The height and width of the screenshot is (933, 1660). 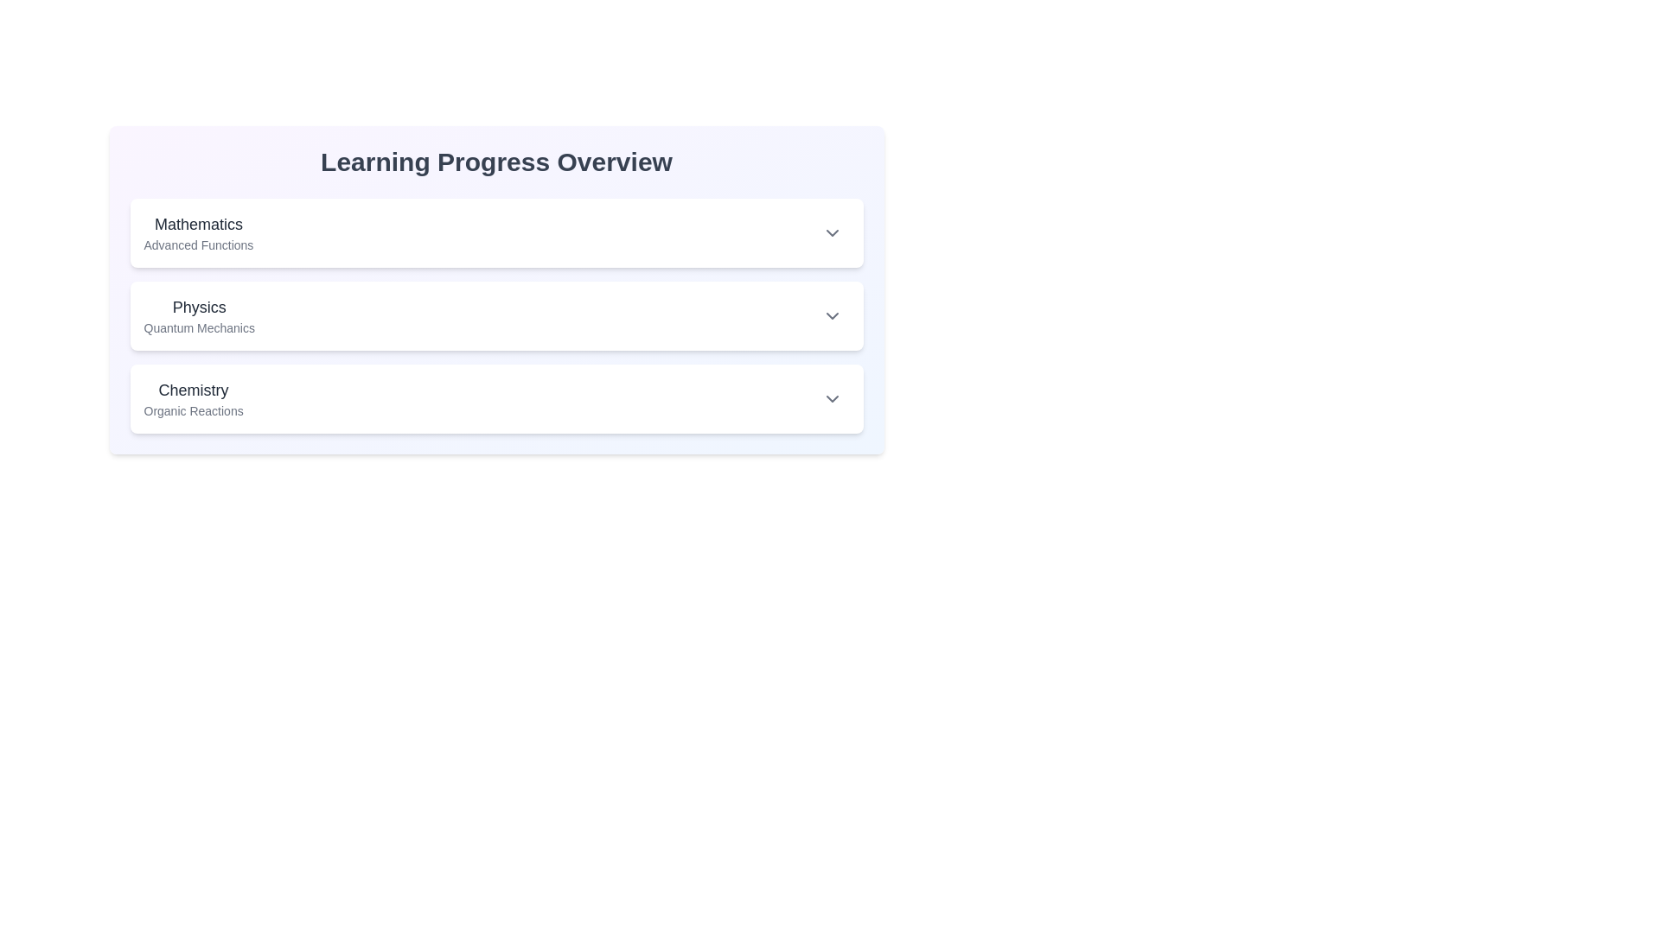 What do you see at coordinates (832, 233) in the screenshot?
I see `the icon that serves as an indicator for expanding or collapsing the 'Mathematics' module` at bounding box center [832, 233].